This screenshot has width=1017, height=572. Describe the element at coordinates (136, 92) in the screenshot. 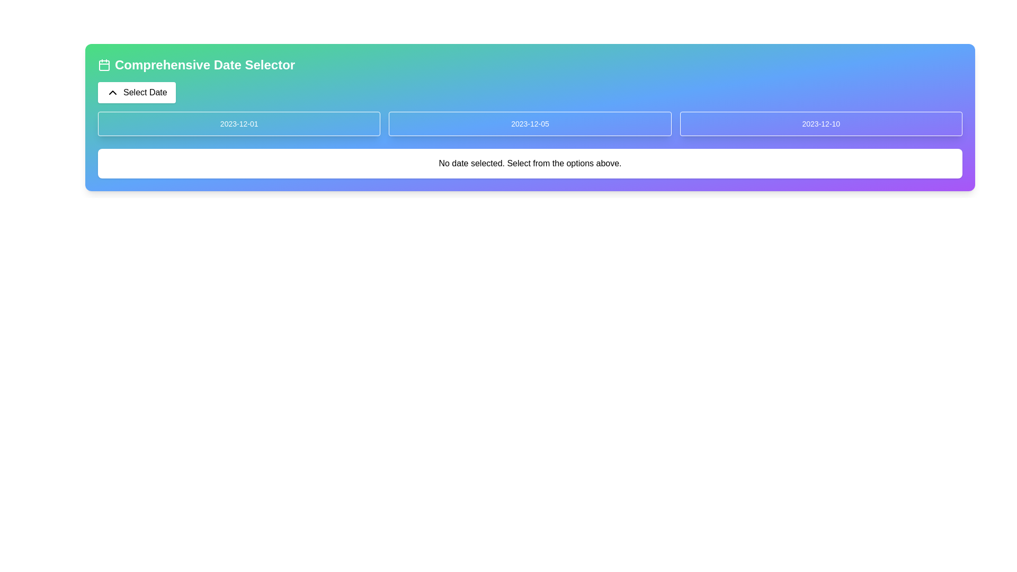

I see `the date selection button located` at that location.